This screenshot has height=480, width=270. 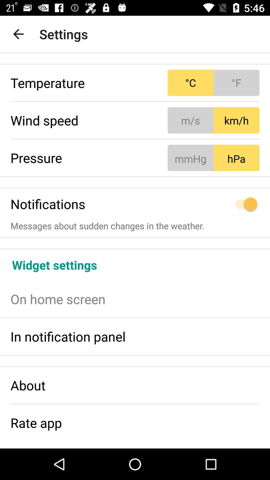 I want to click on item below widget settings, so click(x=135, y=299).